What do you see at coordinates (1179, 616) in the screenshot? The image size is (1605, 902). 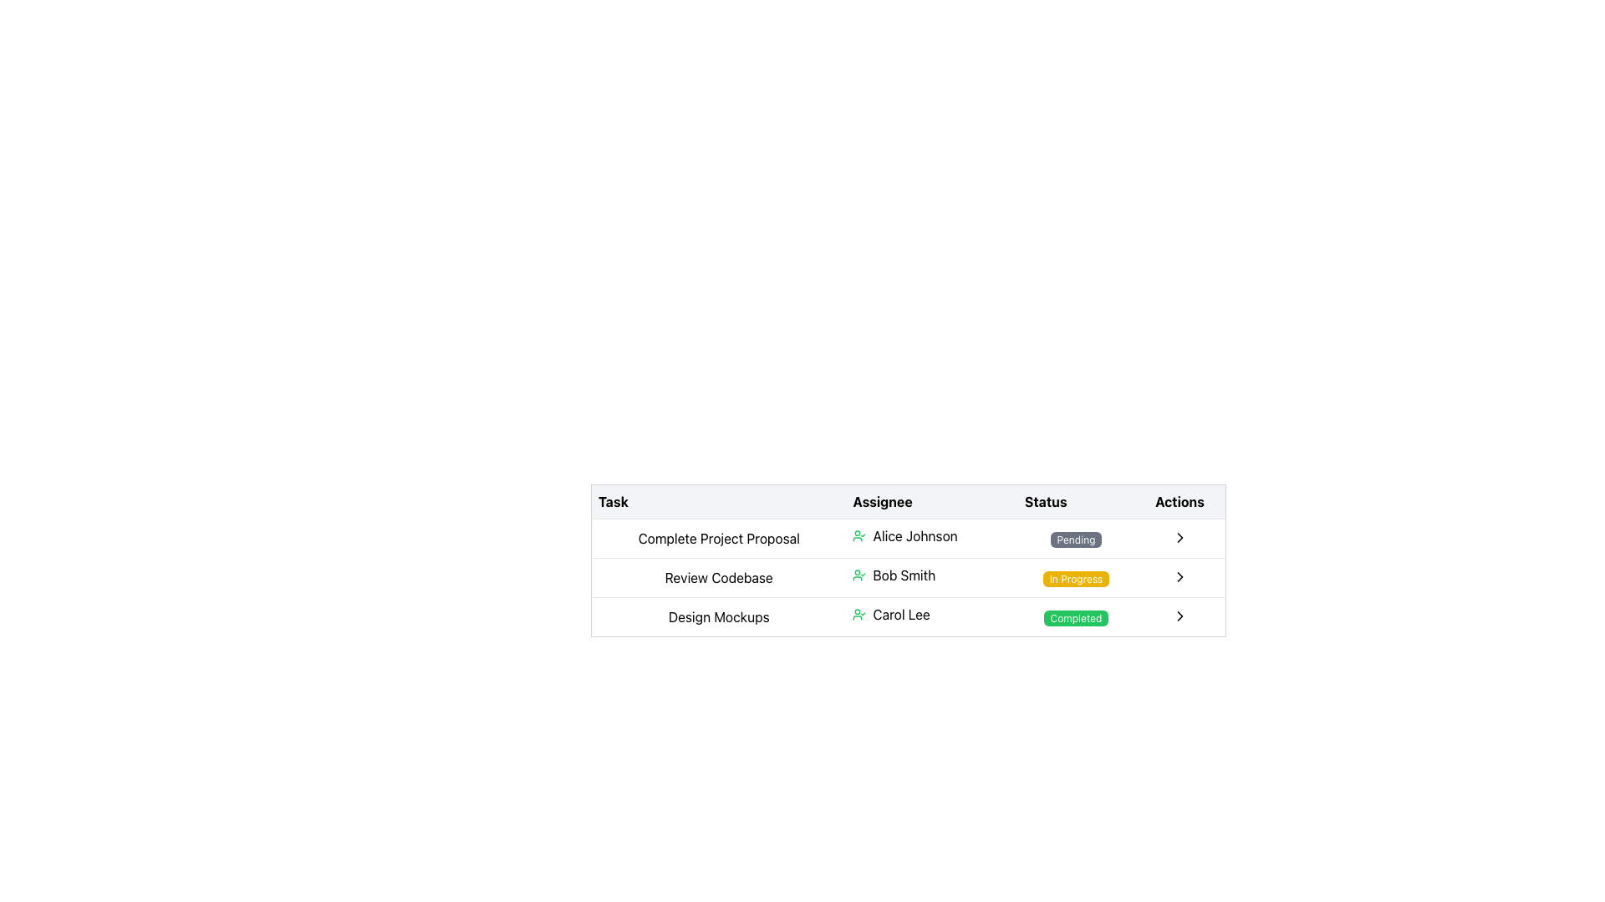 I see `the button that allows the user to proceed with or reveal further details about the task assigned to 'Carol Lee', located at the rightmost side of the 'Actions' column, aligned with 'Completed'` at bounding box center [1179, 616].